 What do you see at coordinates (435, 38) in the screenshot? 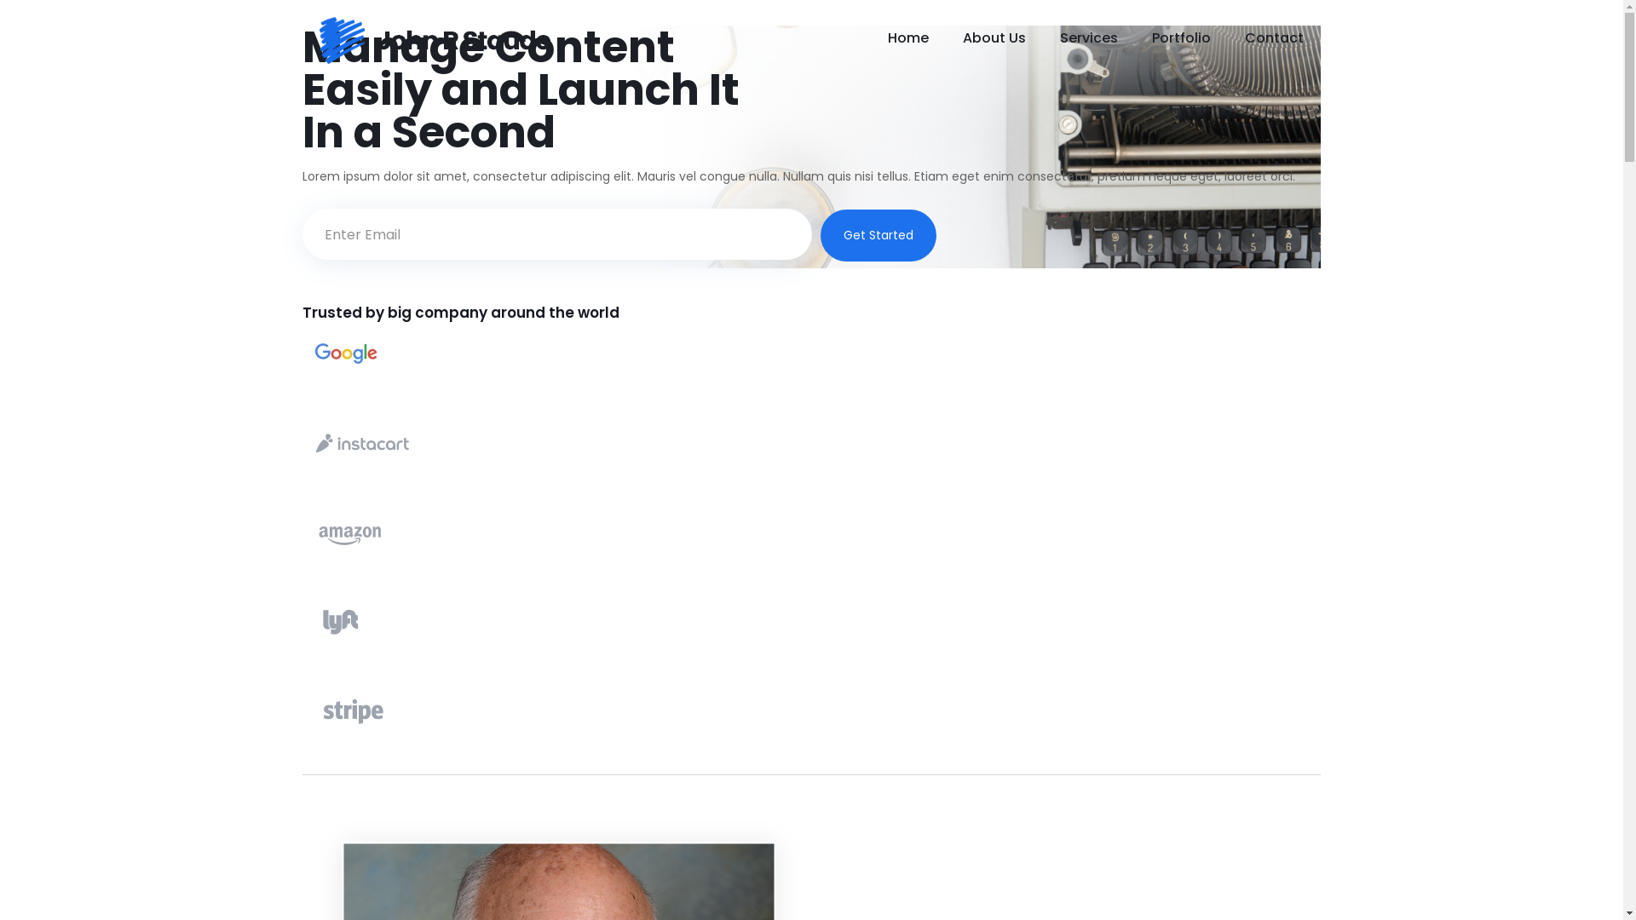
I see `'Staude'` at bounding box center [435, 38].